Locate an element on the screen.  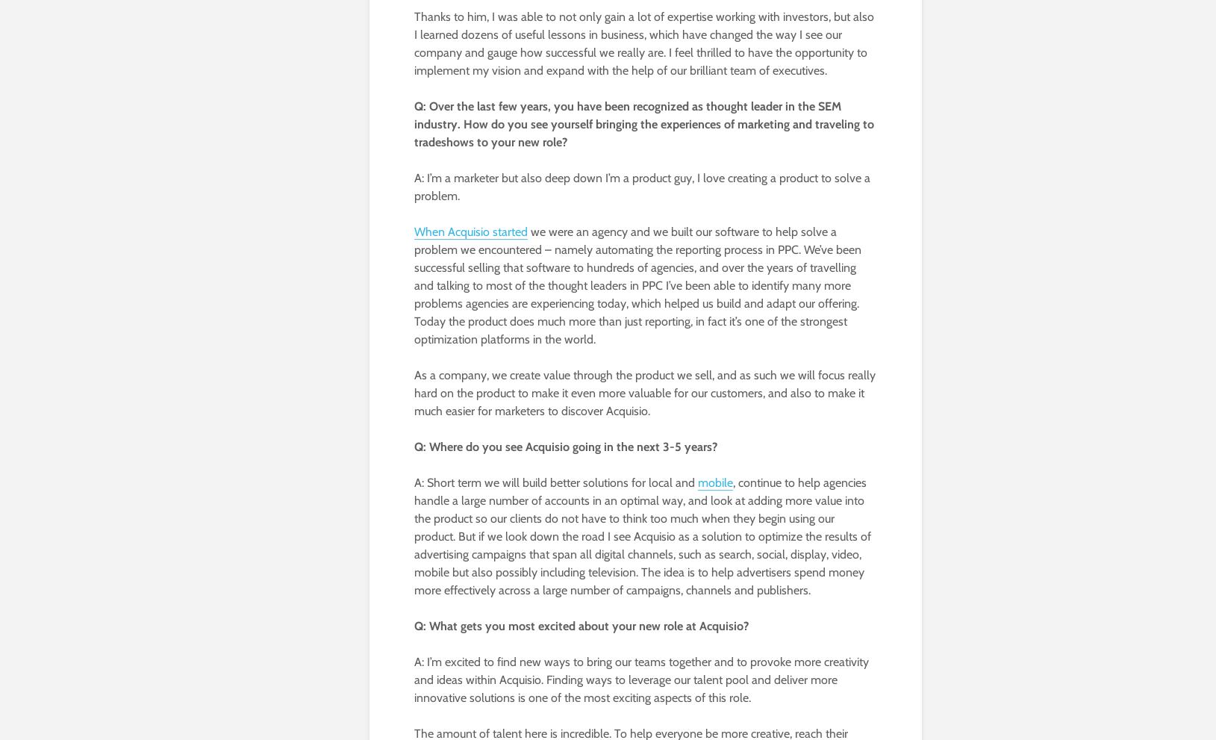
'A: I’m a marketer but also deep down I’m a product guy, I love creating a product to solve a problem.' is located at coordinates (641, 187).